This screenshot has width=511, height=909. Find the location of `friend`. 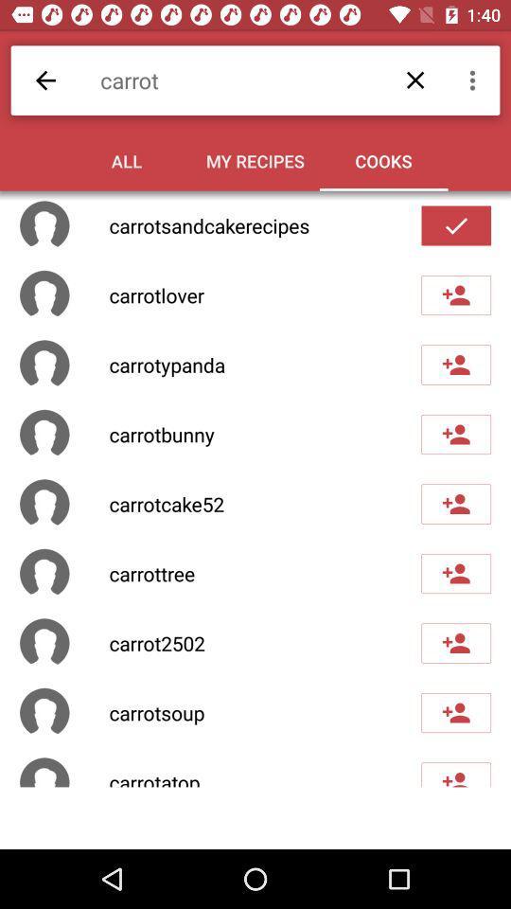

friend is located at coordinates (455, 295).